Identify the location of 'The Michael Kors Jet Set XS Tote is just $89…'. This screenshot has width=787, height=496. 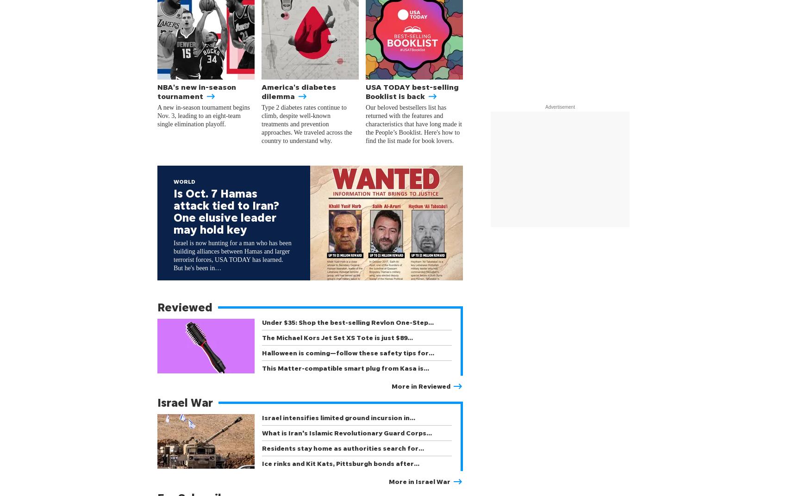
(337, 337).